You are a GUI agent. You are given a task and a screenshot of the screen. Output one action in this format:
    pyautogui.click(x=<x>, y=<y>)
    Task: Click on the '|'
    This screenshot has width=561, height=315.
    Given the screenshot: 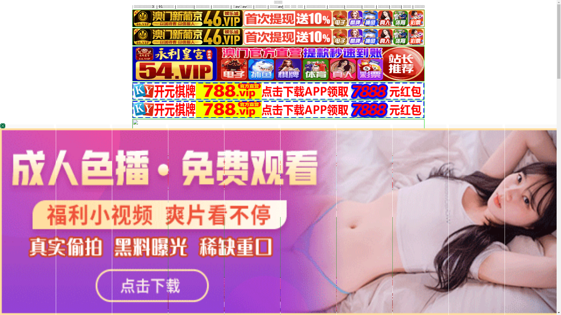 What is the action you would take?
    pyautogui.click(x=492, y=6)
    